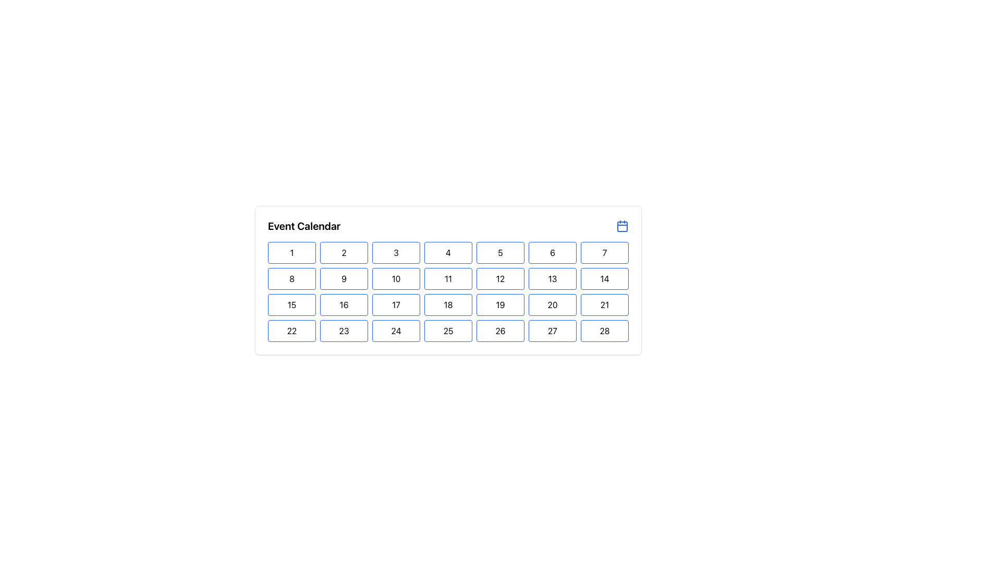 Image resolution: width=1001 pixels, height=563 pixels. Describe the element at coordinates (448, 331) in the screenshot. I see `the rectangular button displaying the text '25' with a white background and blue border, located in the fourth row and fourth column of a grid layout` at that location.